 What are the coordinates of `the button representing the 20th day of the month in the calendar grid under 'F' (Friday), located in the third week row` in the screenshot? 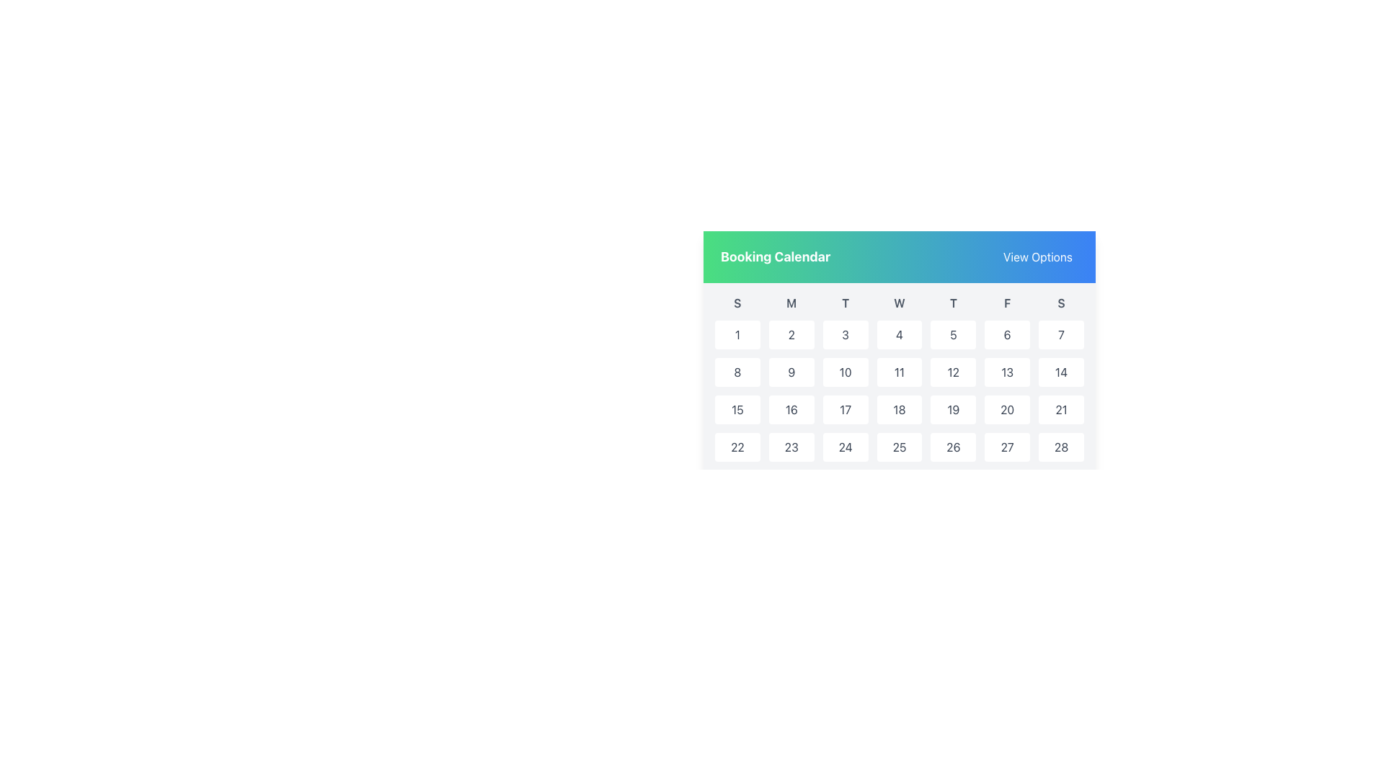 It's located at (1006, 410).